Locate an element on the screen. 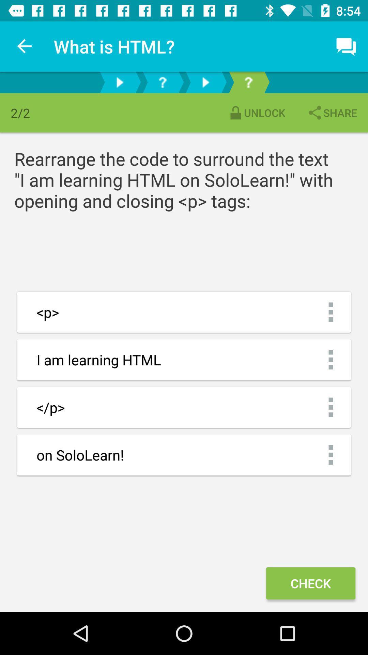  the help icon is located at coordinates (248, 82).